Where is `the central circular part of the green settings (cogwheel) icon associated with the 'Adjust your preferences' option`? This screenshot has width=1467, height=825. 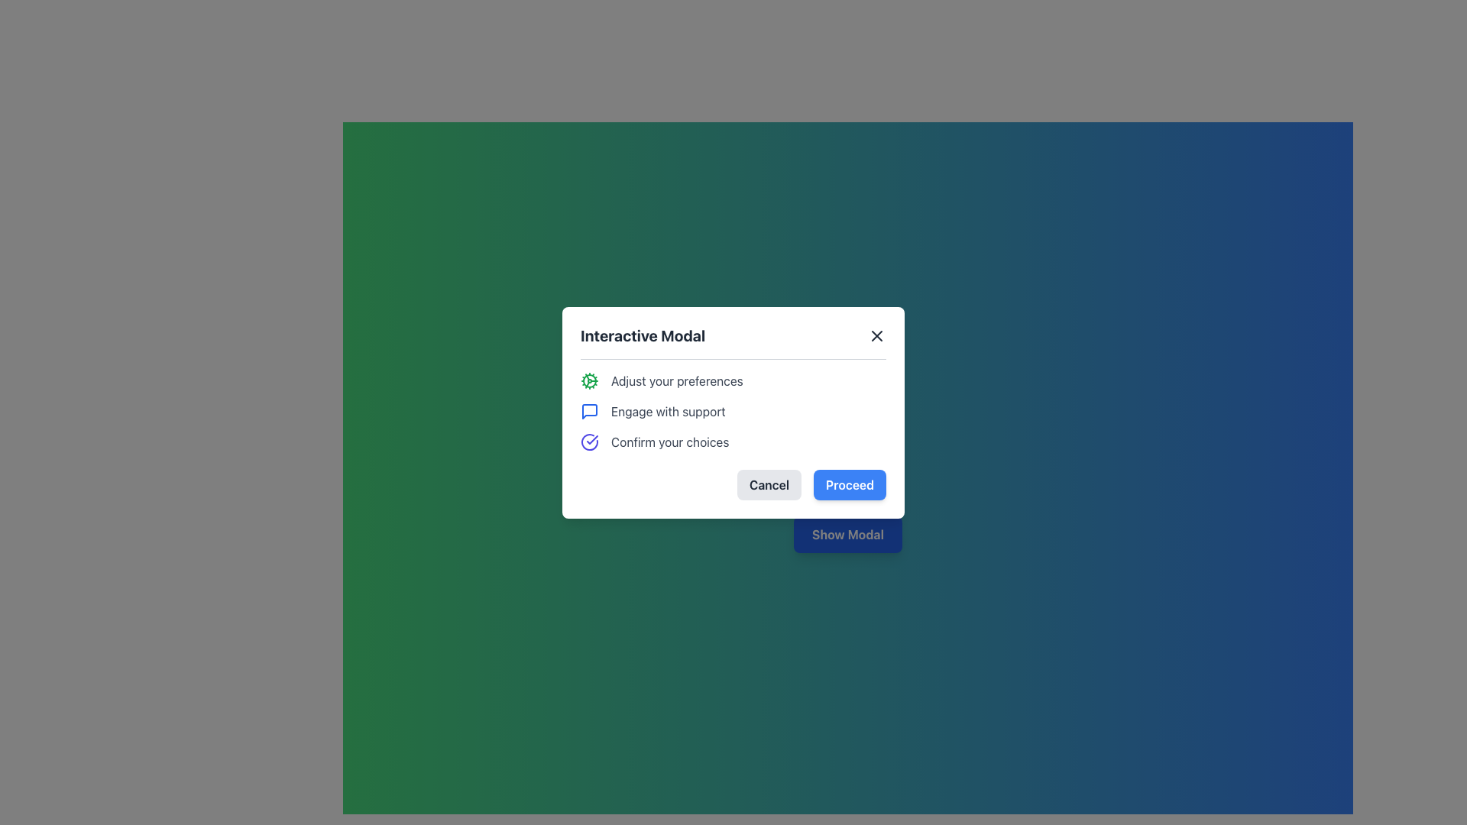
the central circular part of the green settings (cogwheel) icon associated with the 'Adjust your preferences' option is located at coordinates (589, 380).